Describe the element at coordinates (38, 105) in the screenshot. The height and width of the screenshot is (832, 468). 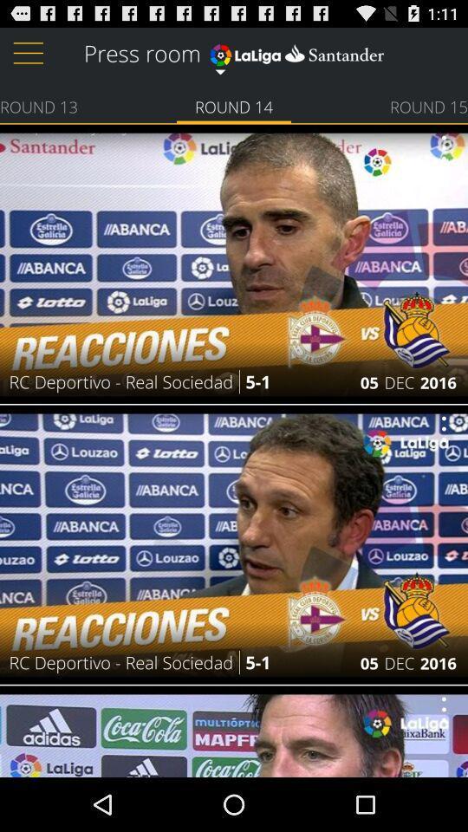
I see `round 13 icon` at that location.